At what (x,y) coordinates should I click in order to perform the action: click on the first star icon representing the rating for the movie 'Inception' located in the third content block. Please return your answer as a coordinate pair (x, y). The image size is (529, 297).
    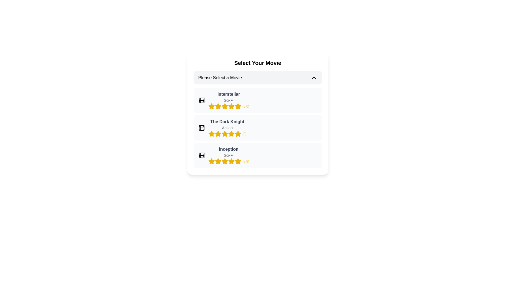
    Looking at the image, I should click on (211, 161).